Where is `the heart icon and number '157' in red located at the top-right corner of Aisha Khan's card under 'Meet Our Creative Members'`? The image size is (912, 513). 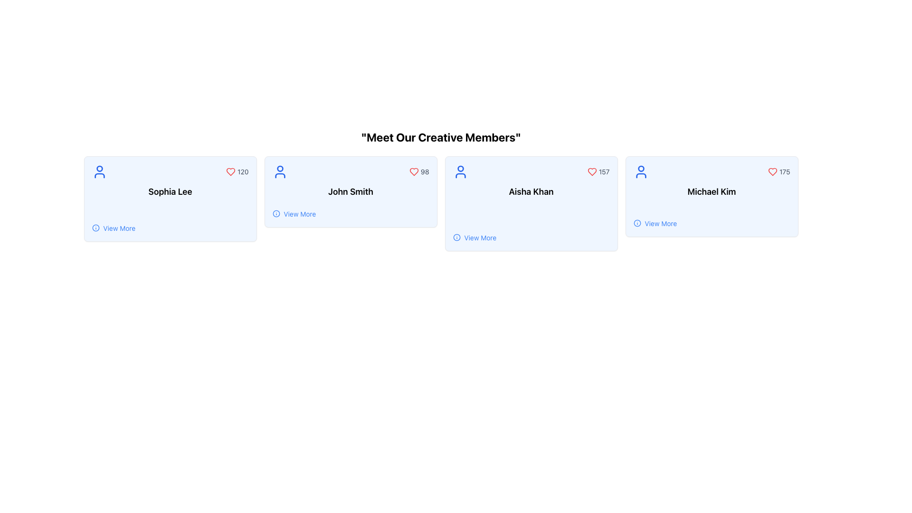
the heart icon and number '157' in red located at the top-right corner of Aisha Khan's card under 'Meet Our Creative Members' is located at coordinates (598, 172).